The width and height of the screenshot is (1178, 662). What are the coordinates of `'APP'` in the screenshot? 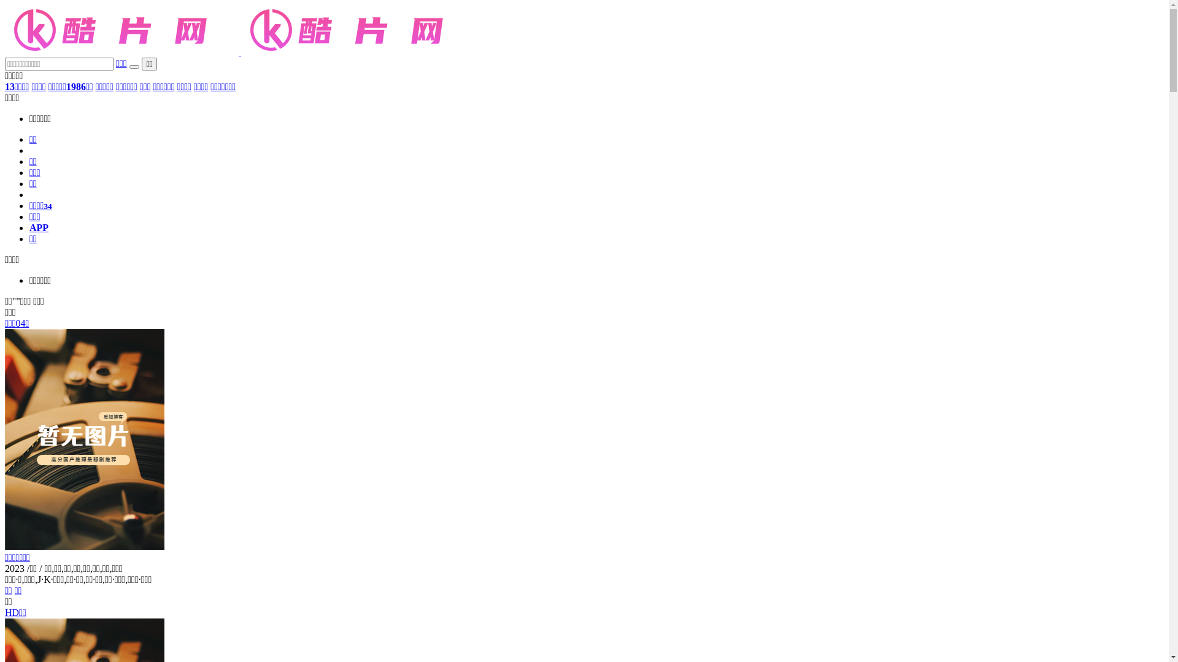 It's located at (39, 227).